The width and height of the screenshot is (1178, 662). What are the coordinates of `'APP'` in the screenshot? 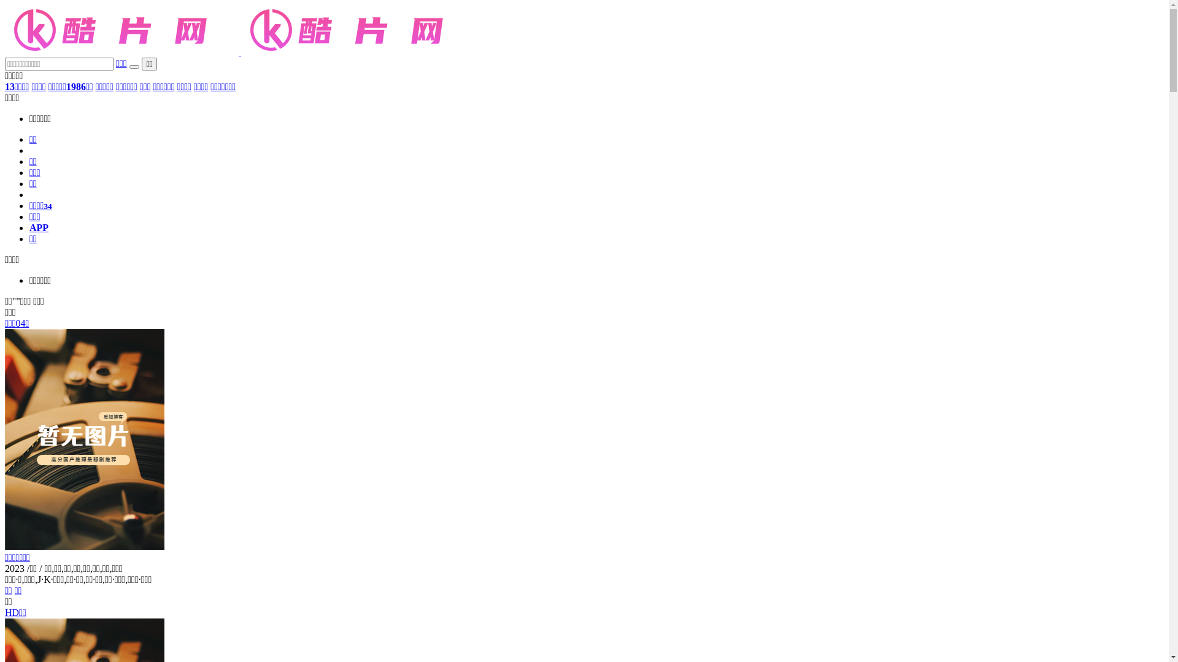 It's located at (39, 227).